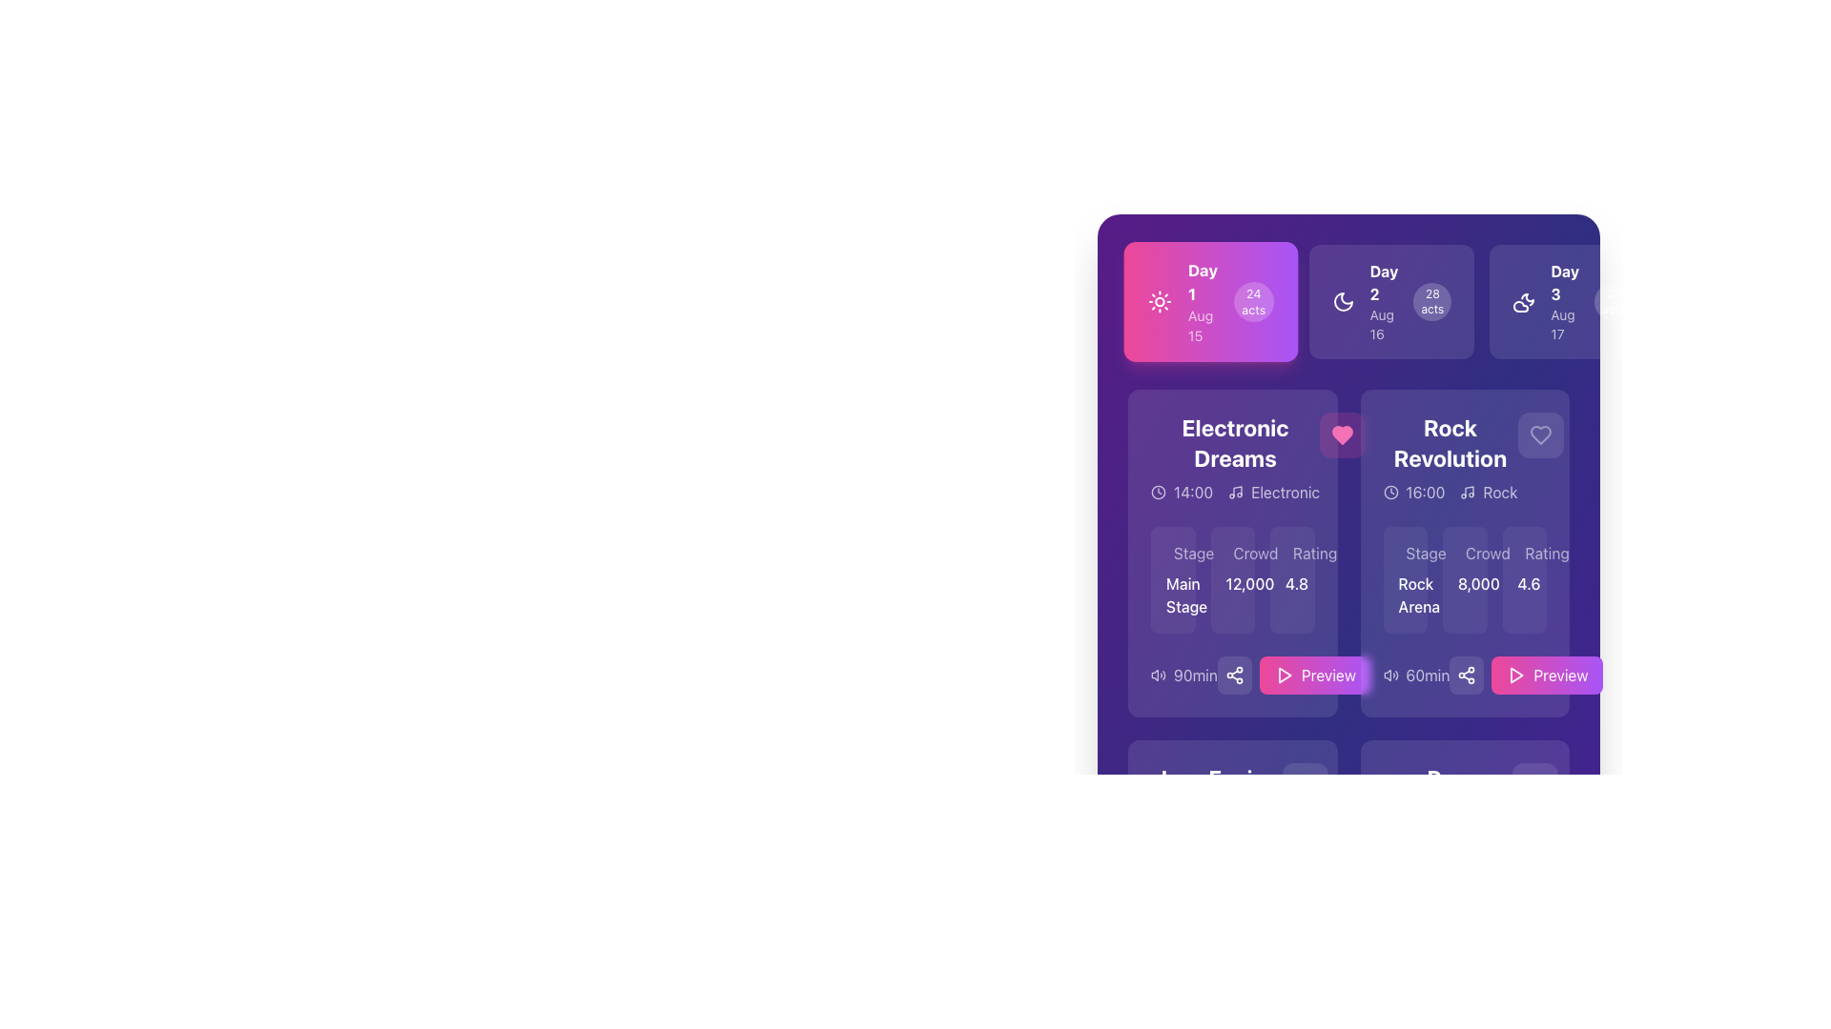 The width and height of the screenshot is (1831, 1029). Describe the element at coordinates (1428, 675) in the screenshot. I see `the static text label that displays the event duration in minutes, located within the 'Rock Revolution' card, to the left of the 'Preview' button` at that location.